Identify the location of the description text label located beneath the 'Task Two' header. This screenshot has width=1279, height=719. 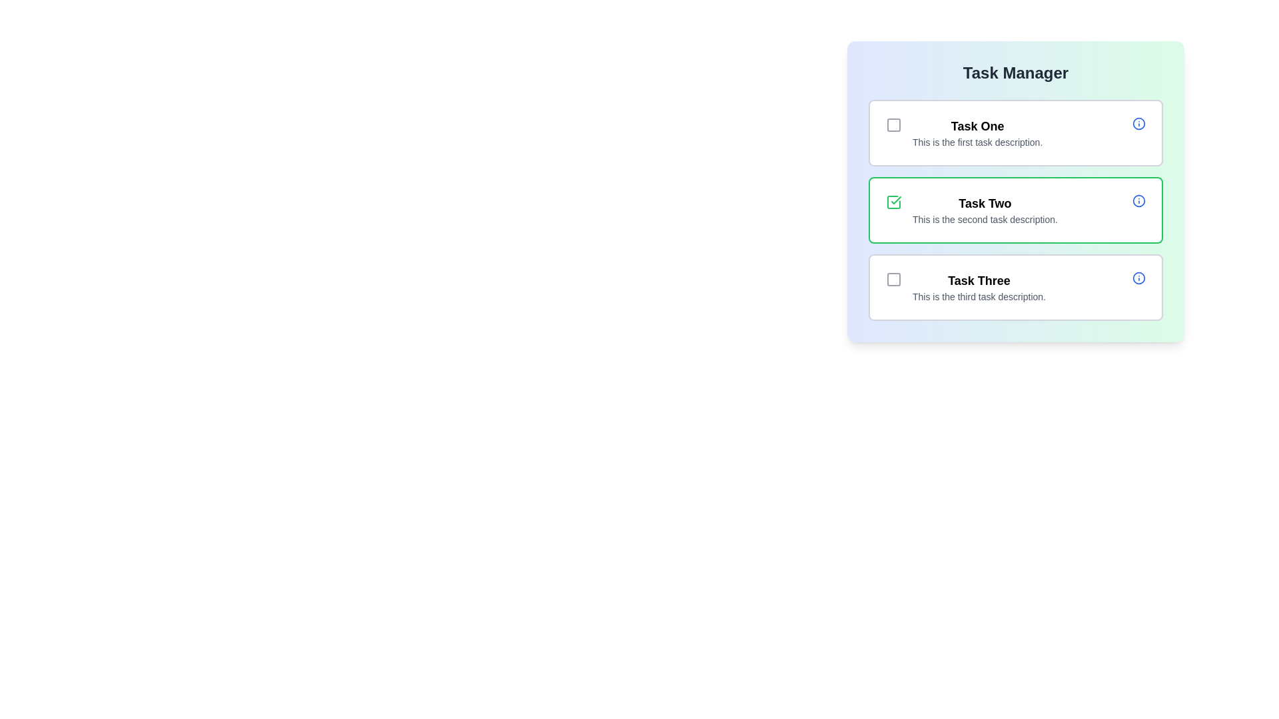
(985, 219).